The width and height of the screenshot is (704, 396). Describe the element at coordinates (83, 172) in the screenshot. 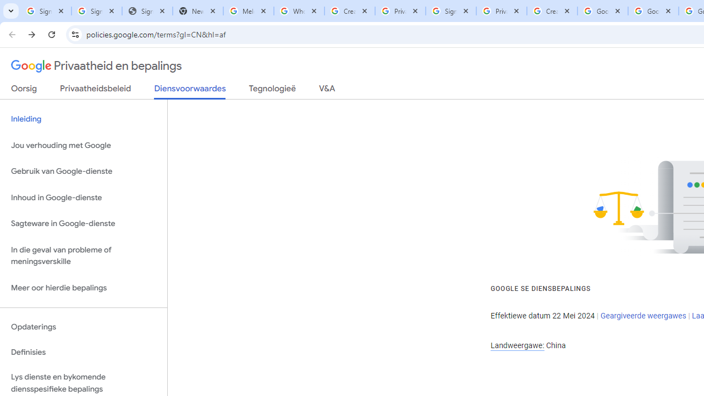

I see `'Gebruik van Google-dienste'` at that location.